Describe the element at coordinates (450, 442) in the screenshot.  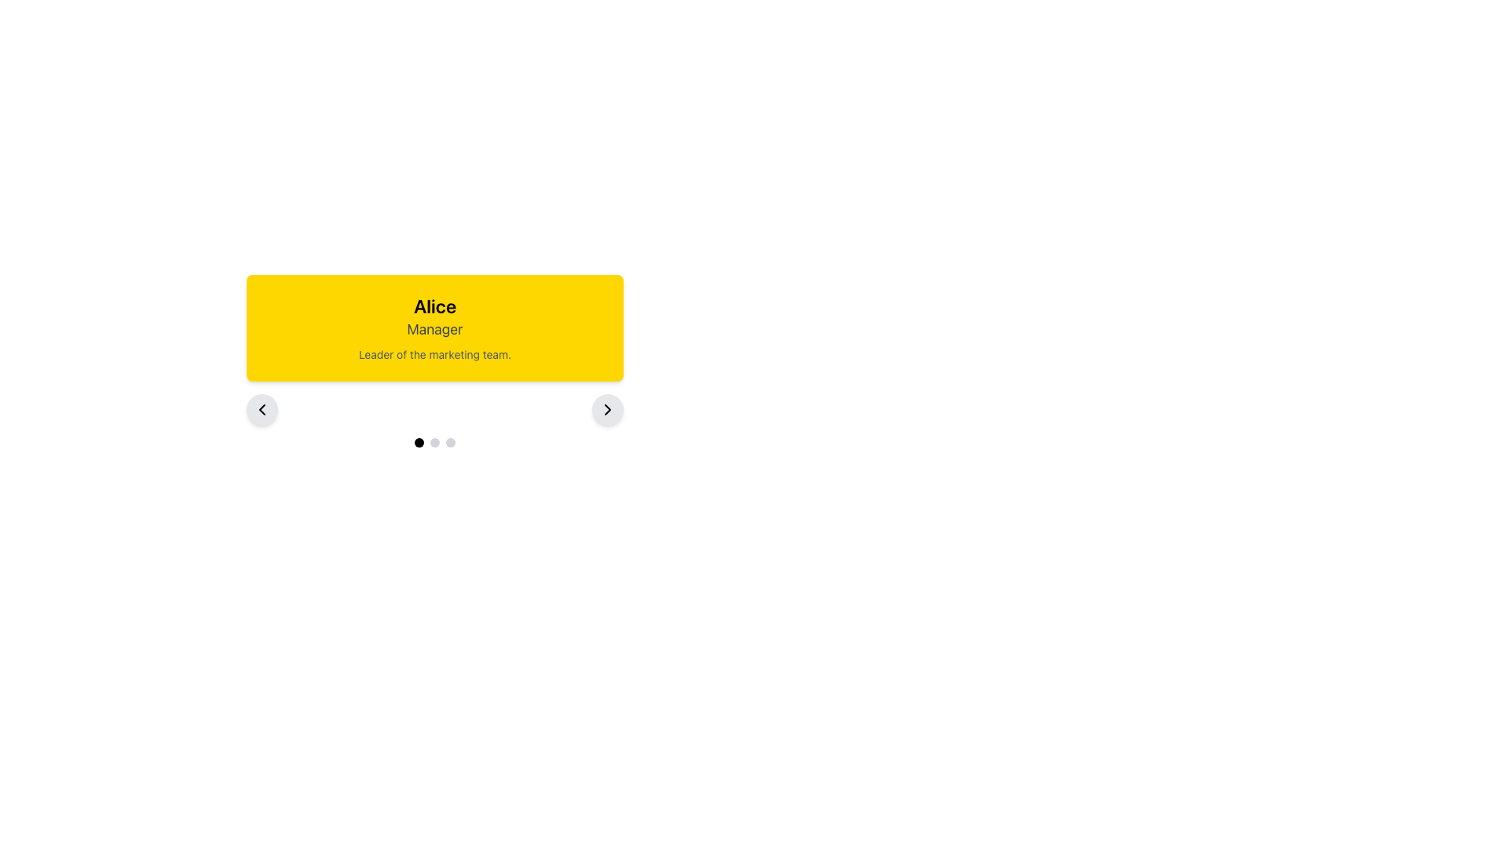
I see `the third circular indicator of the Interactive Indicator (Dot Pagination) located at the bottom center of the interface beneath the yellow profile card titled 'Alice'` at that location.